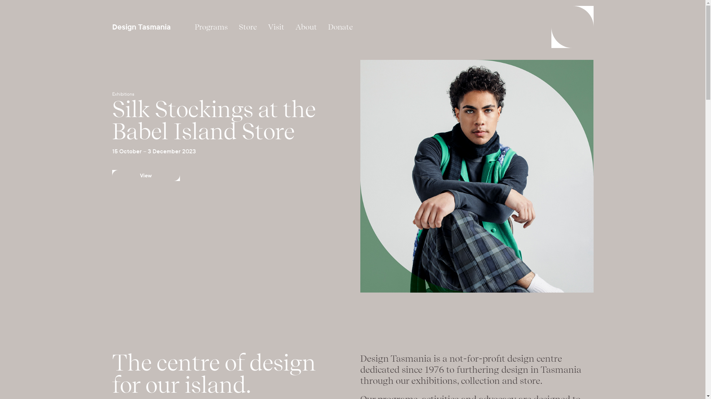  I want to click on 'Visit', so click(275, 27).